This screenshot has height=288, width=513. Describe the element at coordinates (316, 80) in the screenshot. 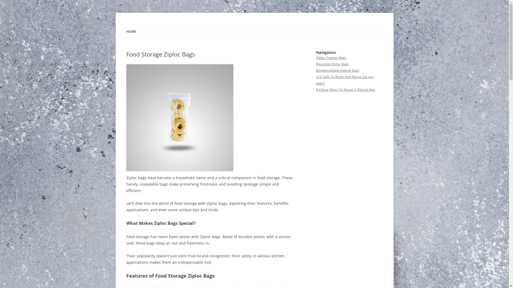

I see `'Is It Safe To Wash And Reuse Zip-top Bags?'` at that location.